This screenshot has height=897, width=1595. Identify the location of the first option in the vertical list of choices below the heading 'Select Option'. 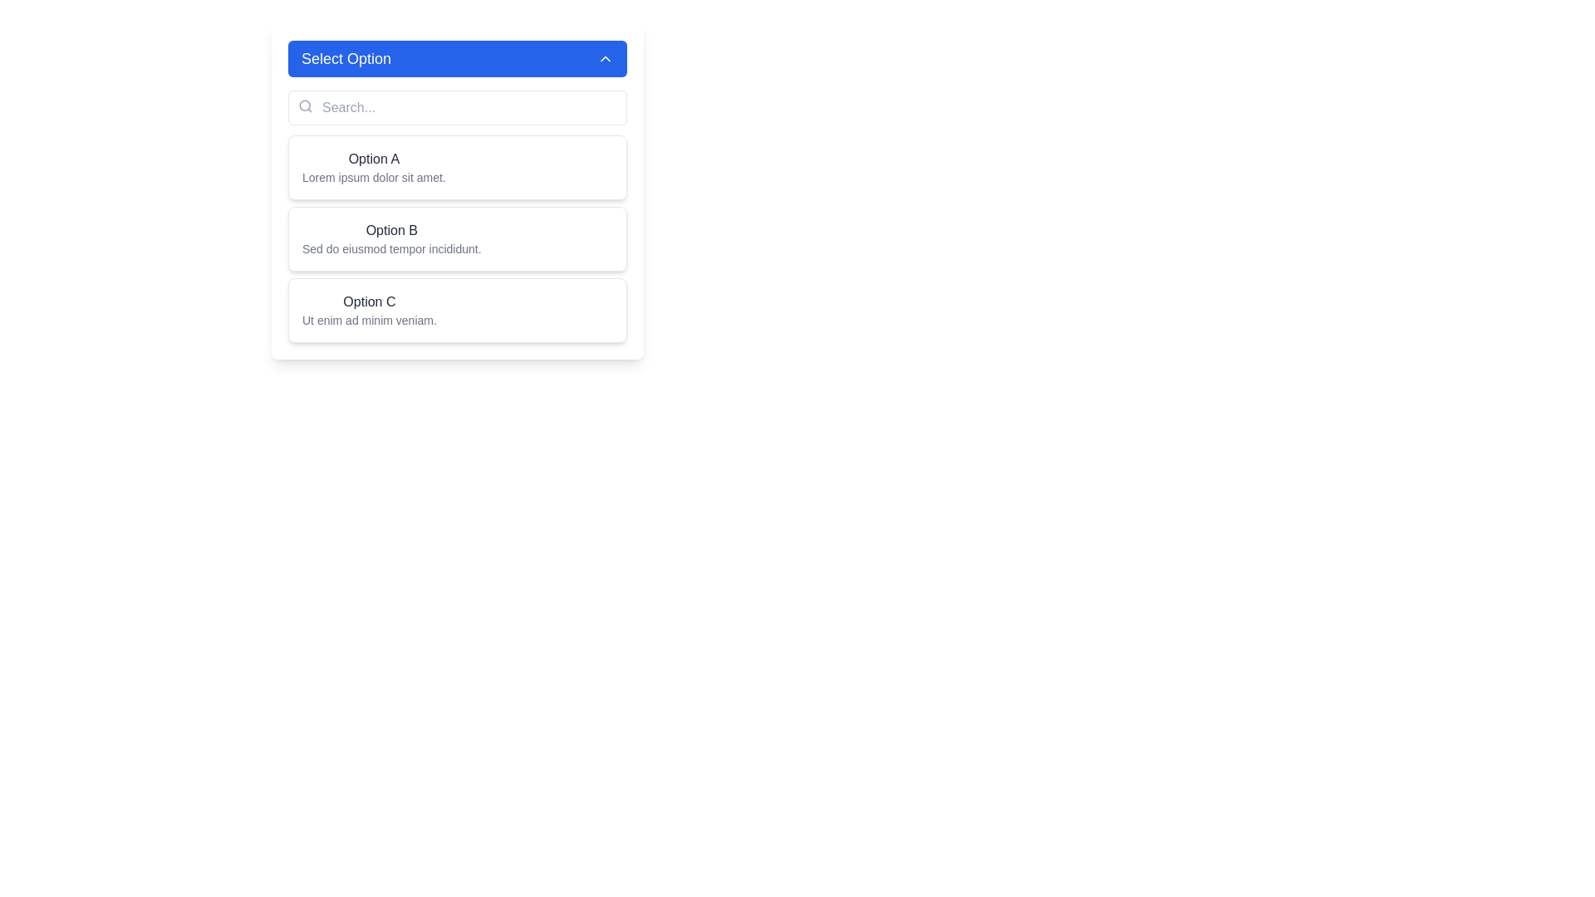
(373, 167).